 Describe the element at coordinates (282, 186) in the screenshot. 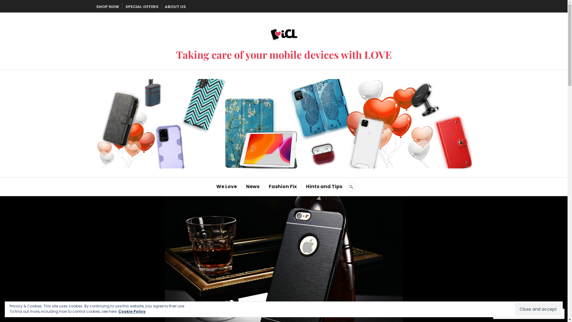

I see `'Fashion Fix'` at that location.